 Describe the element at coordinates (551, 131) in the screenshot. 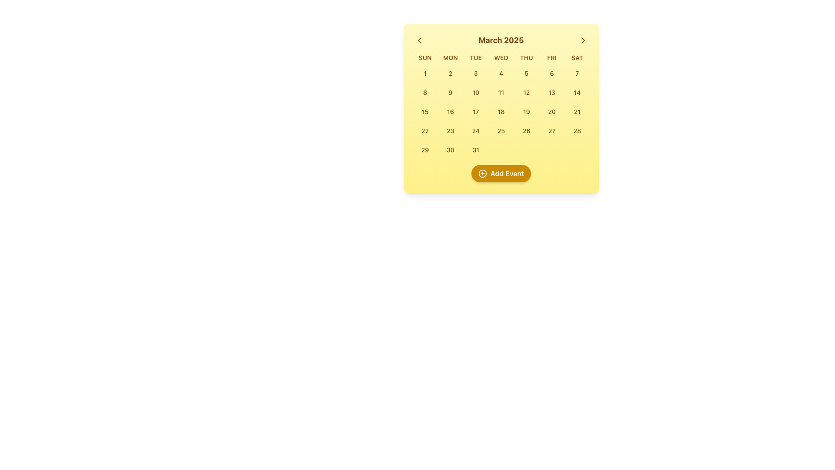

I see `the Text Display representing the date '27' in the calendar grid for March 2025` at that location.